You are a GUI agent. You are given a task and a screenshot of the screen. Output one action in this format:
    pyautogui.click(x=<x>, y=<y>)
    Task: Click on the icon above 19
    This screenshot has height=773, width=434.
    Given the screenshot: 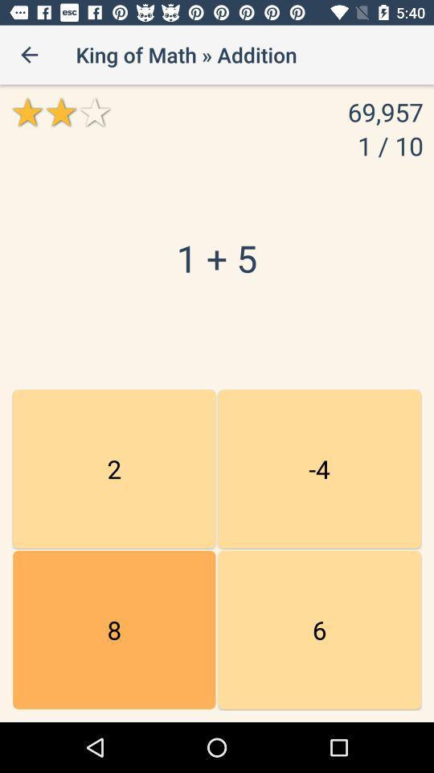 What is the action you would take?
    pyautogui.click(x=319, y=469)
    